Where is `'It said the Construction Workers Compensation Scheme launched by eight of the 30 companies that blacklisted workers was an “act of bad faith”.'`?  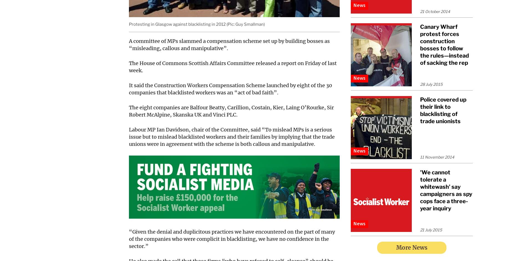 'It said the Construction Workers Compensation Scheme launched by eight of the 30 companies that blacklisted workers was an “act of bad faith”.' is located at coordinates (230, 89).